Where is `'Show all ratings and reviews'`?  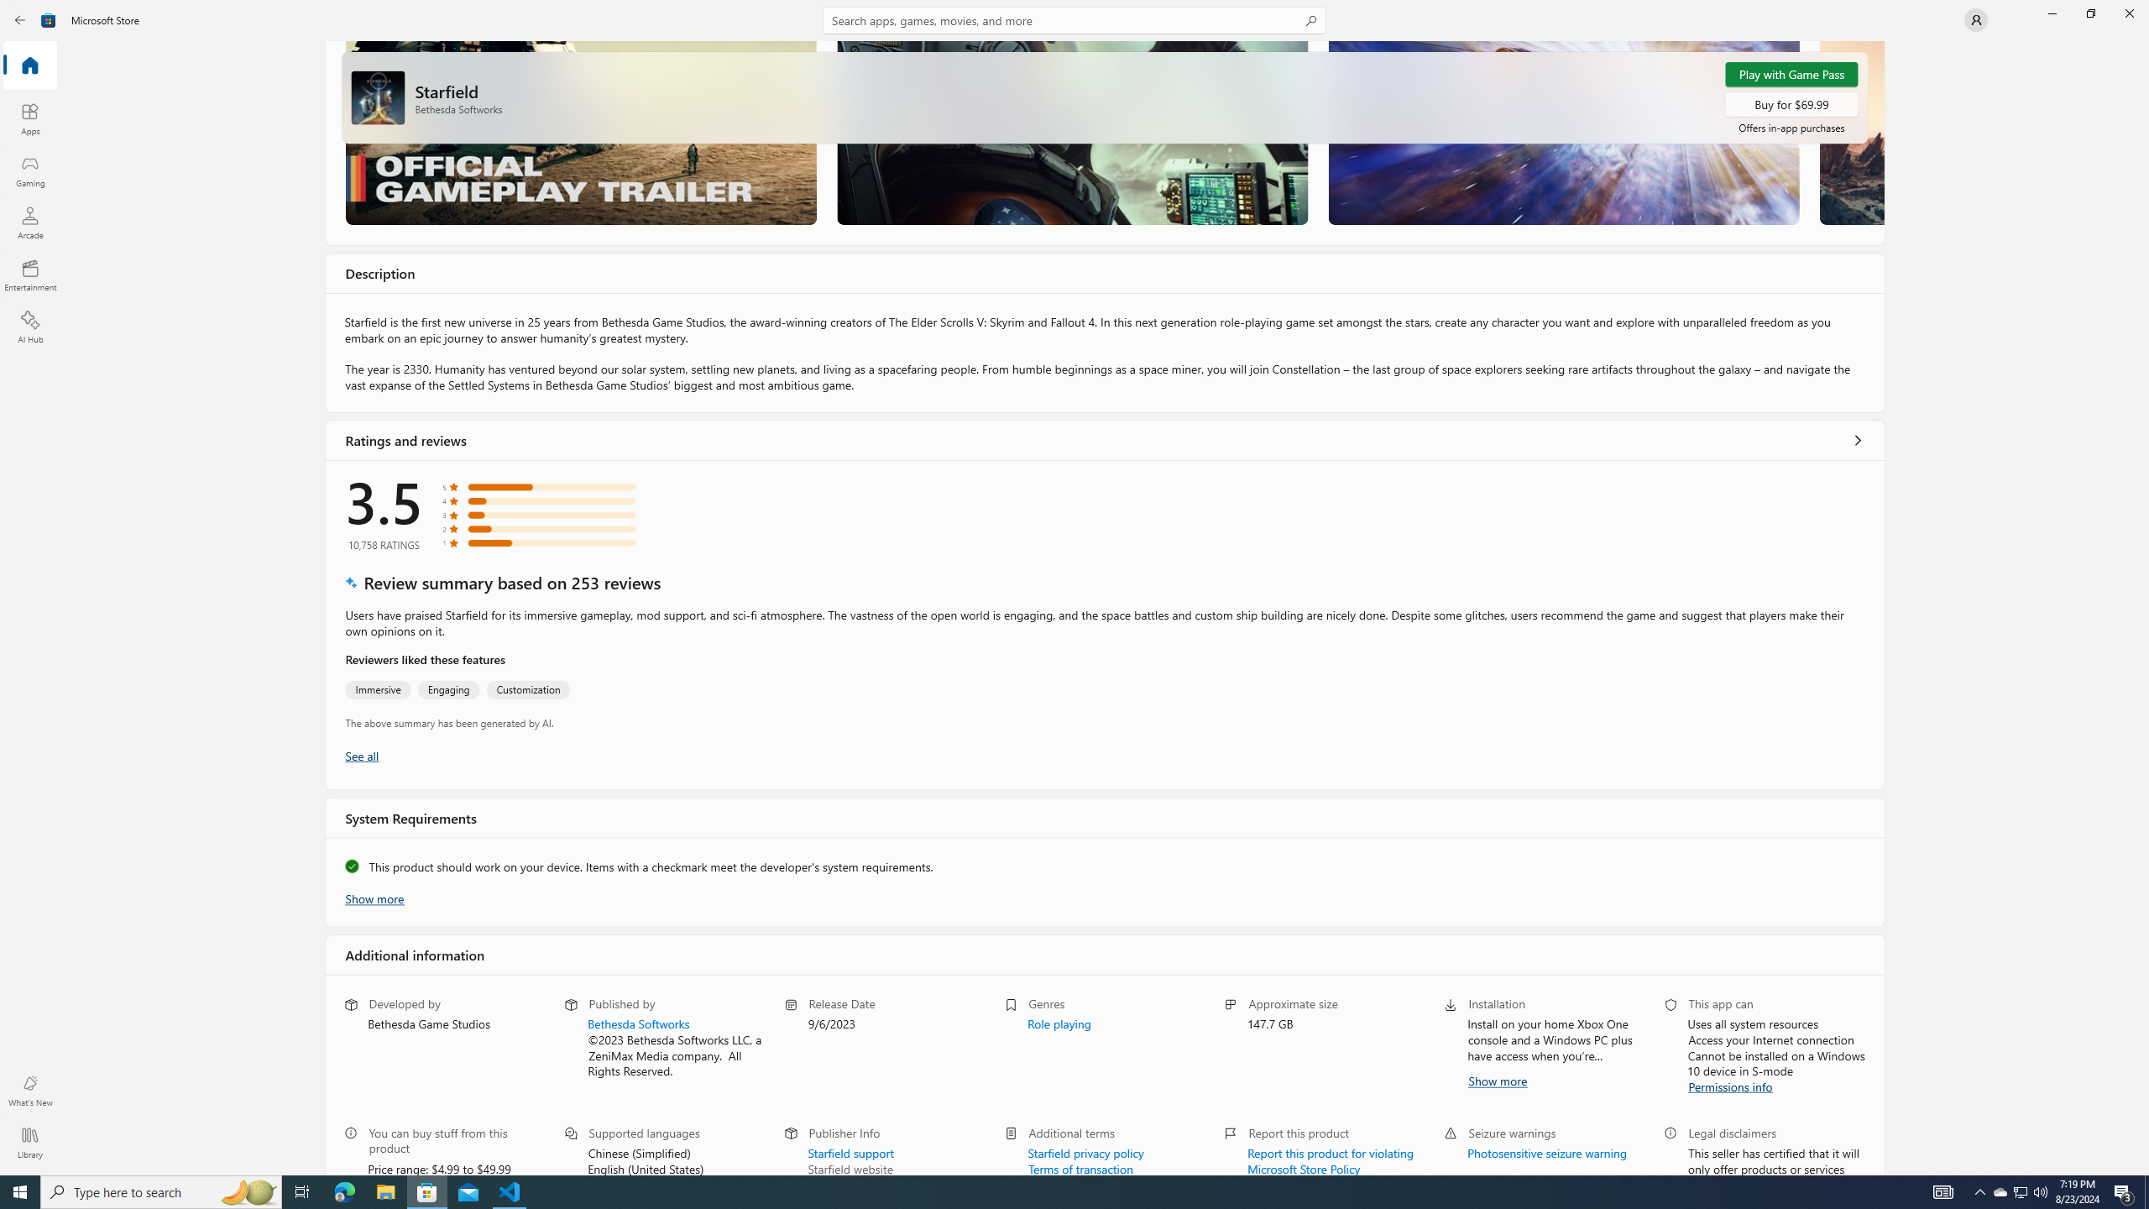 'Show all ratings and reviews' is located at coordinates (1858, 440).